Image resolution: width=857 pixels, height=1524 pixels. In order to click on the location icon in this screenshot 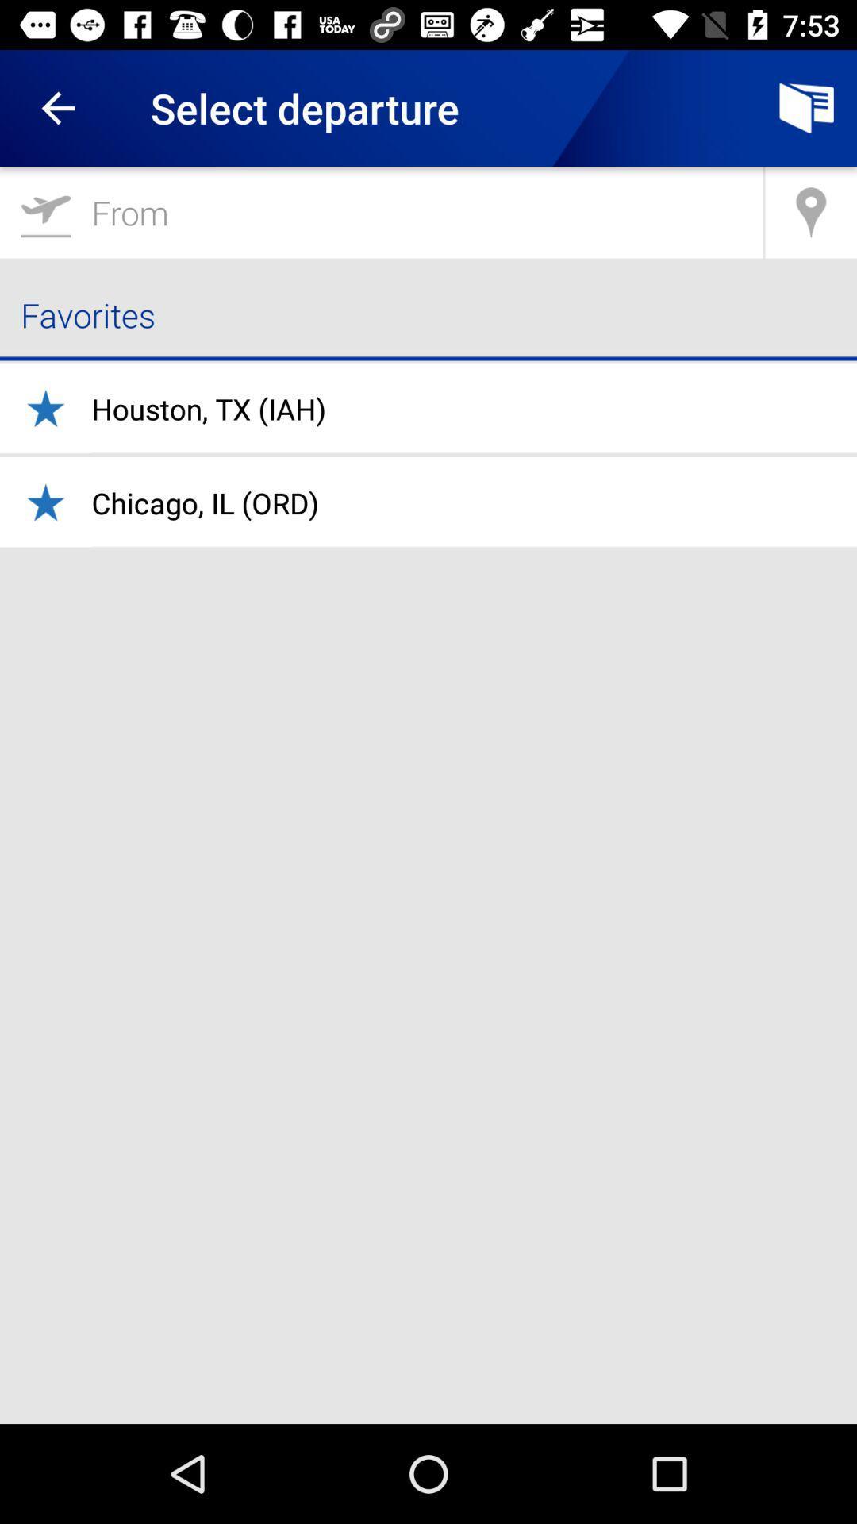, I will do `click(811, 211)`.